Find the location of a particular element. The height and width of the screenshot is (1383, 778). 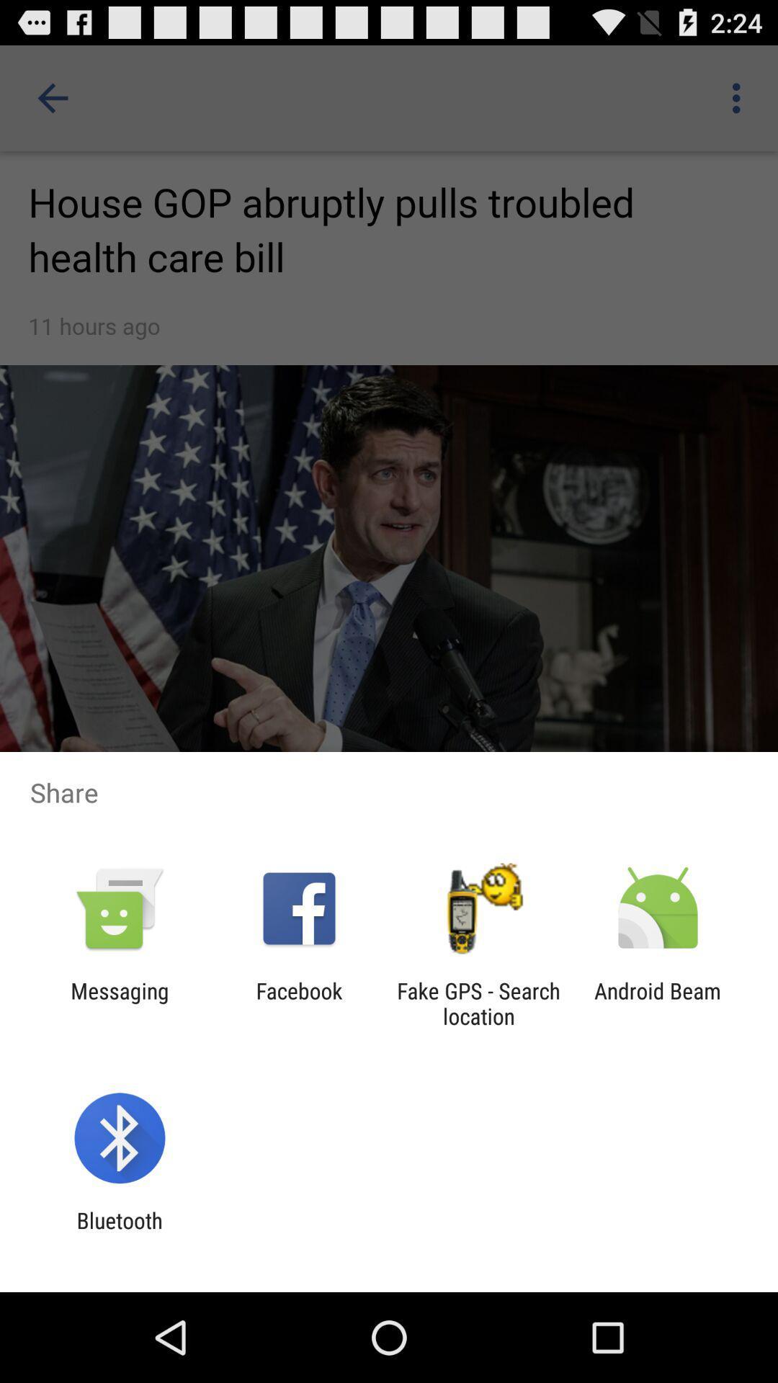

the icon to the left of android beam app is located at coordinates (478, 1003).